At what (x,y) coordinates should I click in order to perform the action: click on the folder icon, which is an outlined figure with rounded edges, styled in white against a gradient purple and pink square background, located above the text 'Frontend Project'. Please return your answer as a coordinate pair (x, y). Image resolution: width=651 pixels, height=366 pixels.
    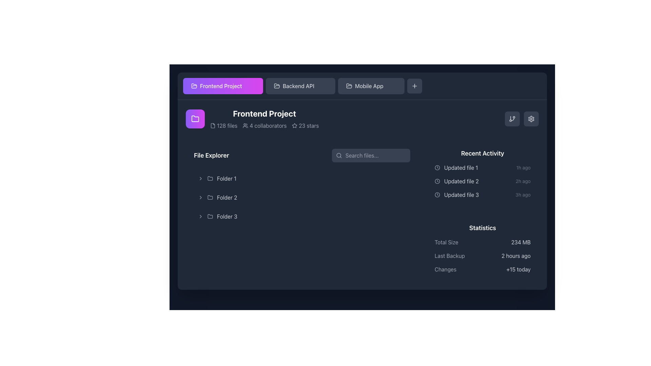
    Looking at the image, I should click on (195, 119).